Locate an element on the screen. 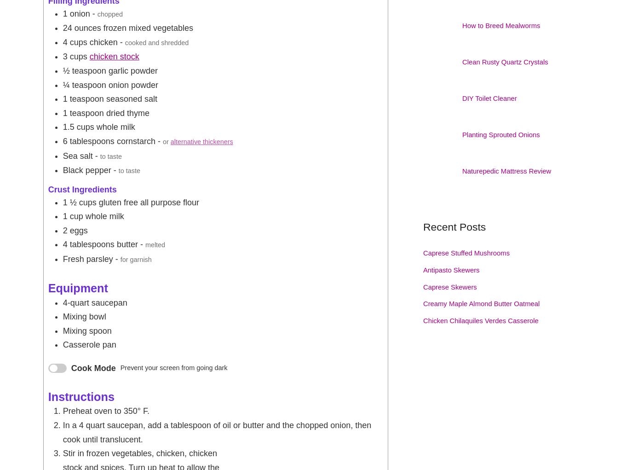  'cup' is located at coordinates (76, 216).